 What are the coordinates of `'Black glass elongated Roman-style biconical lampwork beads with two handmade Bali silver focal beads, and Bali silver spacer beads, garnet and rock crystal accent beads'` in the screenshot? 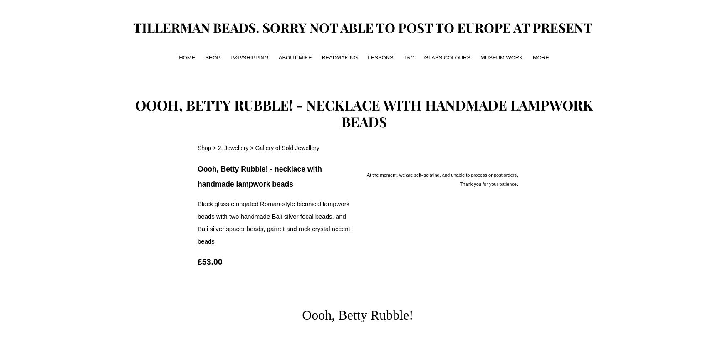 It's located at (273, 222).